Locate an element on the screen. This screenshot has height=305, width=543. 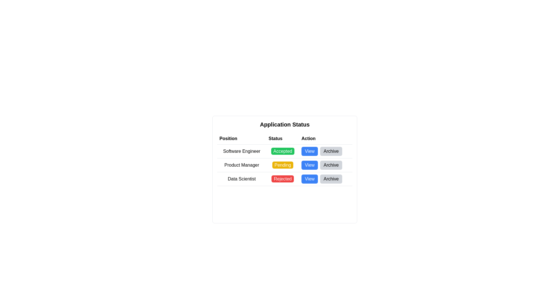
the archive button in the second row of the 'Action' column associated with the 'Product Manager' position to observe a visual change is located at coordinates (331, 165).